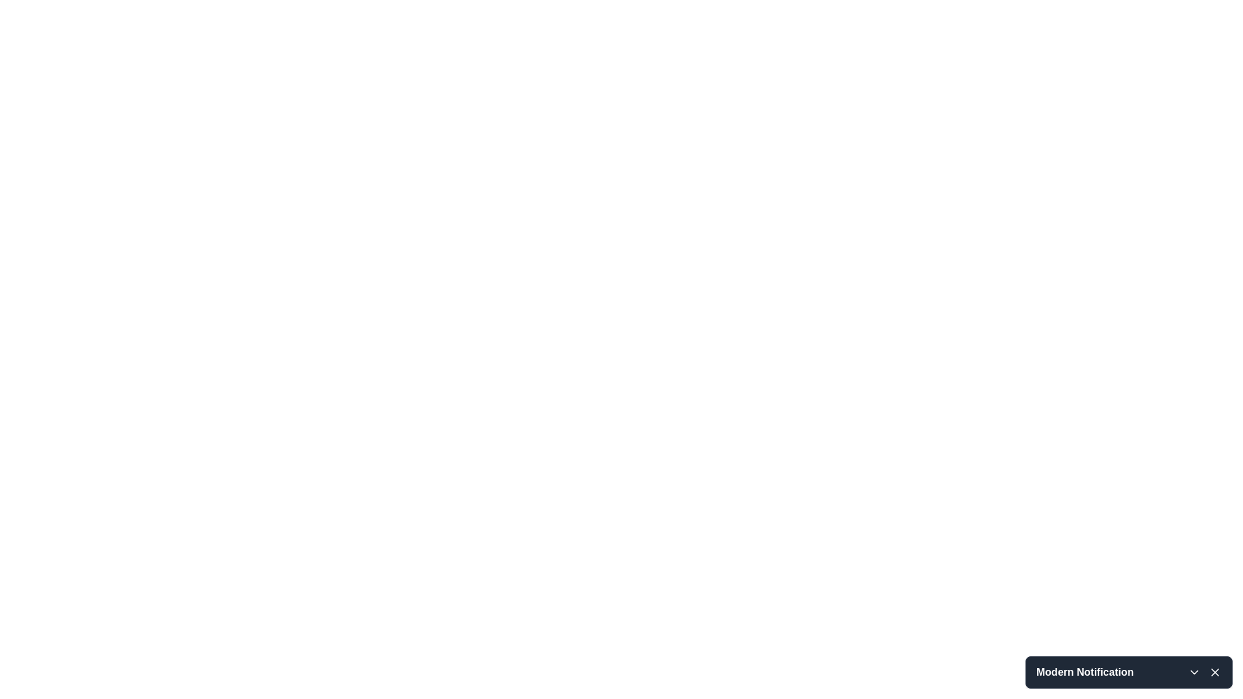 The image size is (1243, 699). What do you see at coordinates (1214, 671) in the screenshot?
I see `the close button (×) located at the bottom-right of the 'Modern Notification' bar` at bounding box center [1214, 671].